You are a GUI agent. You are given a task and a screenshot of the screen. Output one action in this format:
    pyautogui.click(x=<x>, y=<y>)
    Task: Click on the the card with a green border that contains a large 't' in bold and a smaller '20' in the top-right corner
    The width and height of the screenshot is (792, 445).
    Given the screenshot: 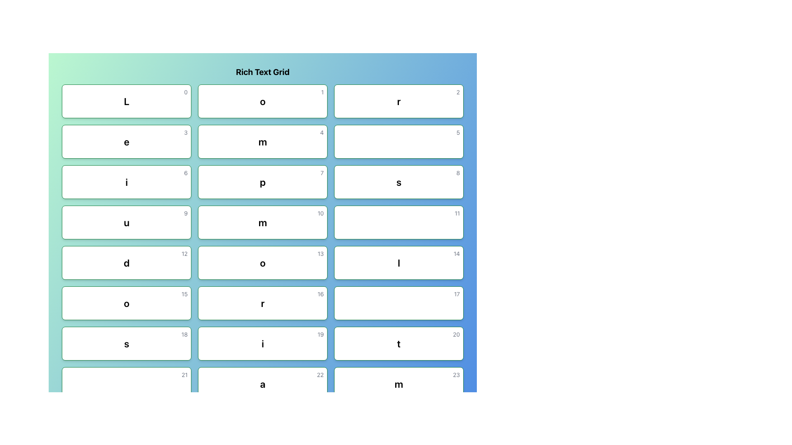 What is the action you would take?
    pyautogui.click(x=398, y=343)
    